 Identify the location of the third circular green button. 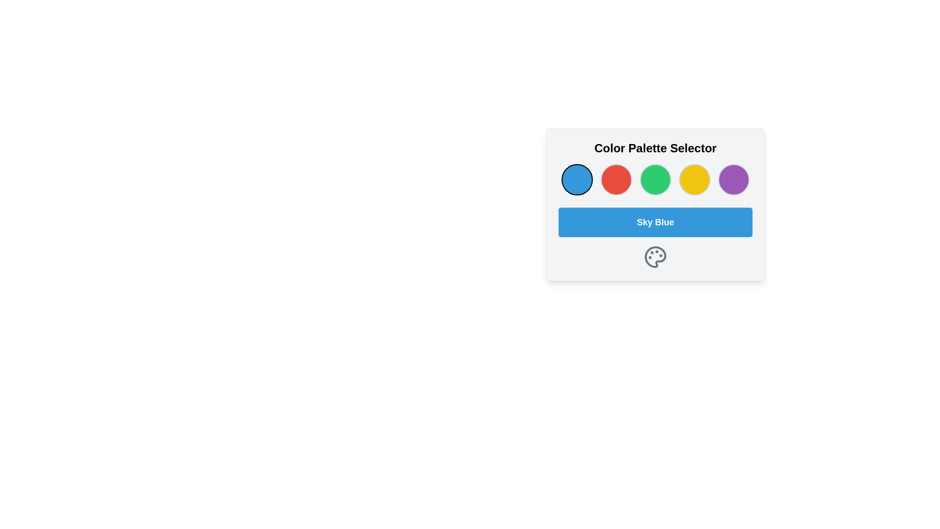
(656, 179).